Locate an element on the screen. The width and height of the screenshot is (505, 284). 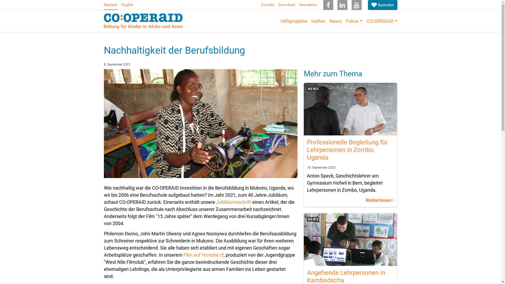
'Newsletter' is located at coordinates (308, 5).